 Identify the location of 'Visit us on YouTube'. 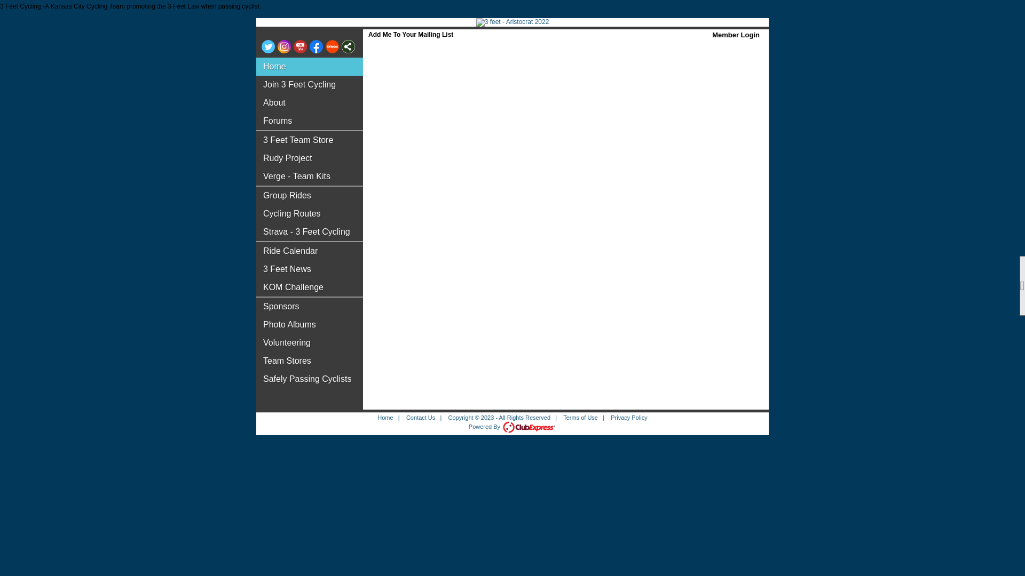
(299, 46).